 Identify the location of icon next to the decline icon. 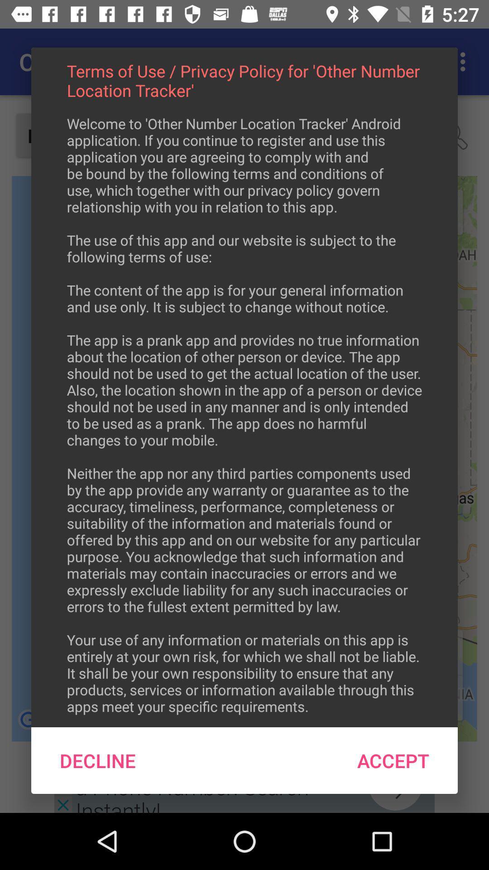
(393, 760).